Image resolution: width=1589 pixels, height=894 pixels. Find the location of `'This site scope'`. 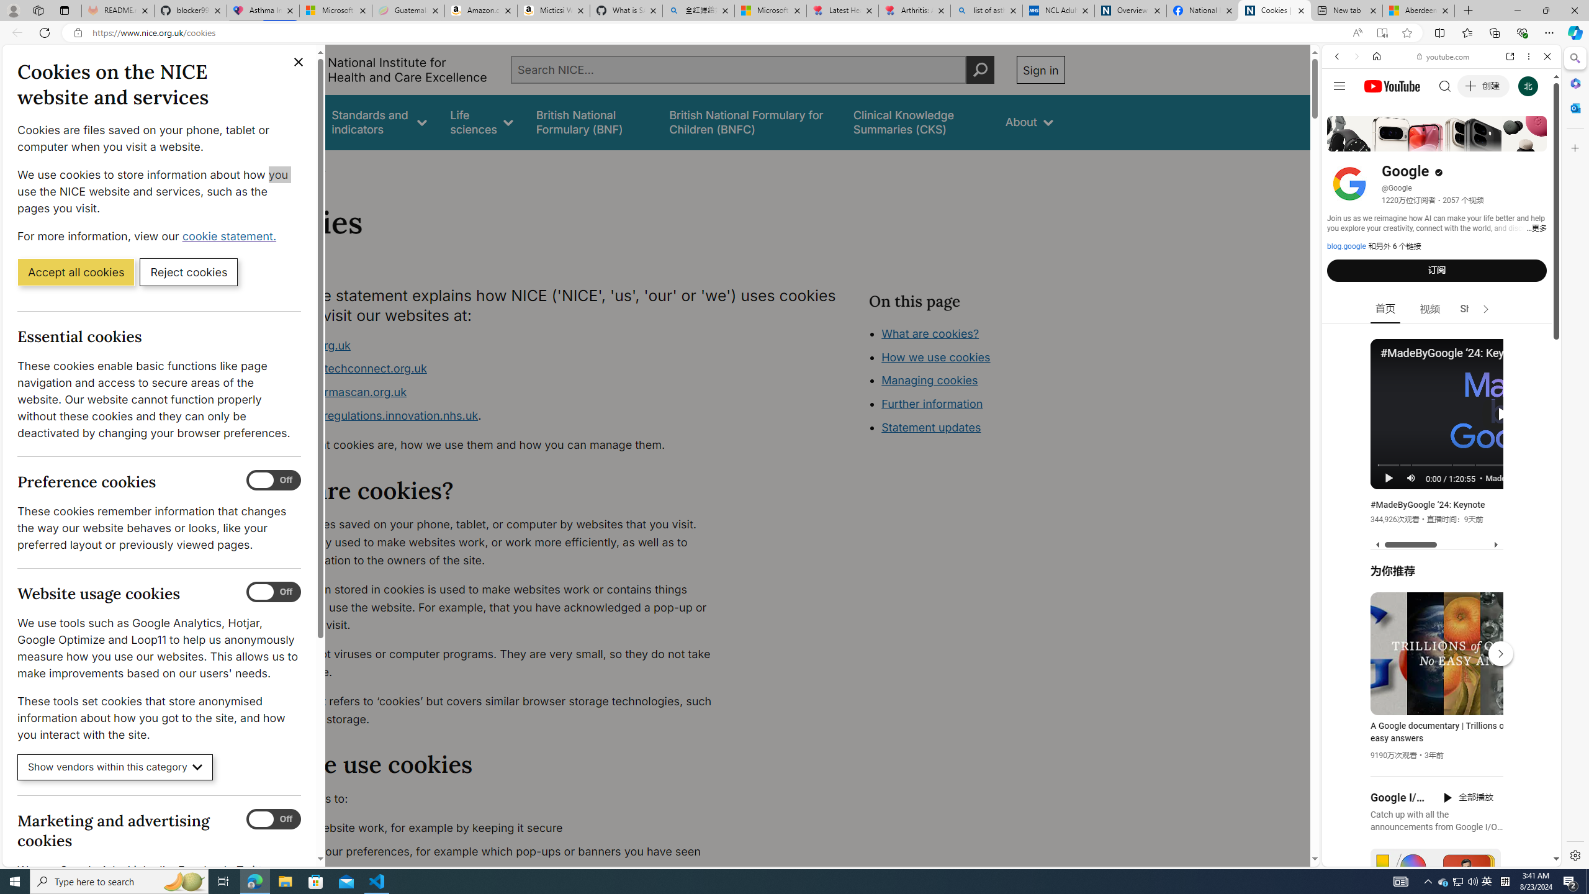

'This site scope' is located at coordinates (1374, 112).